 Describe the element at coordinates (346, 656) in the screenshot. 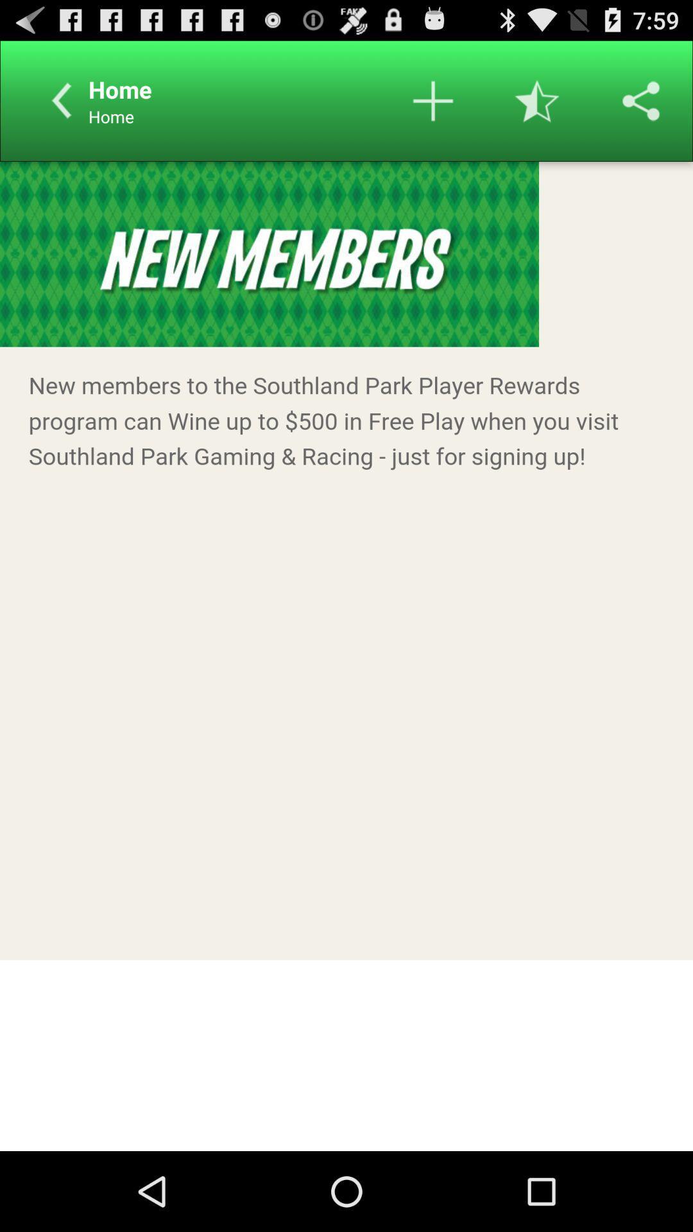

I see `sign up to become member` at that location.